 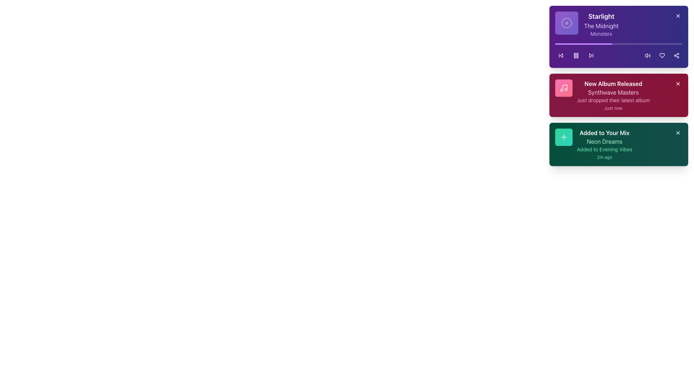 What do you see at coordinates (678, 133) in the screenshot?
I see `the circular close button with an 'X' icon located in the top-right corner of the green notification card titled 'Added to Your Mix'` at bounding box center [678, 133].